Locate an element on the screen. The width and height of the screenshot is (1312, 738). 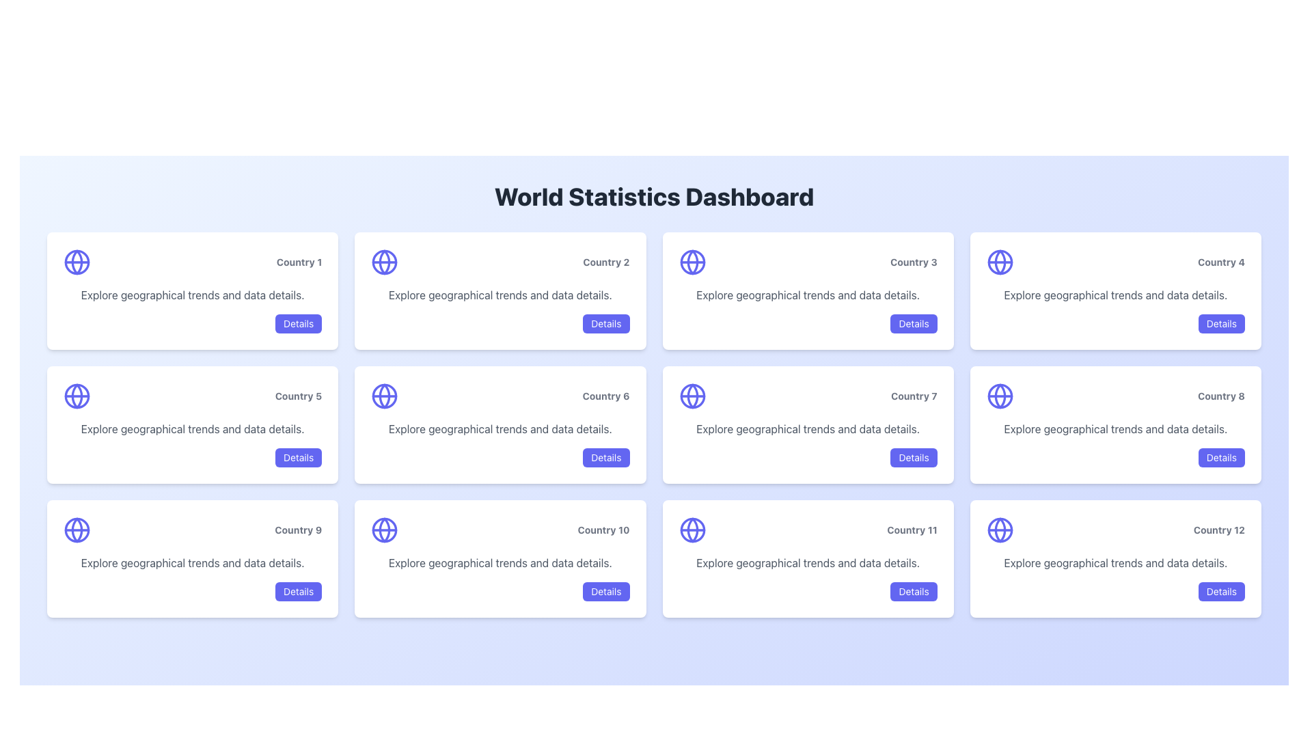
the text label located in the top-right corner of the second card in the first row of a four-column grid layout is located at coordinates (500, 262).